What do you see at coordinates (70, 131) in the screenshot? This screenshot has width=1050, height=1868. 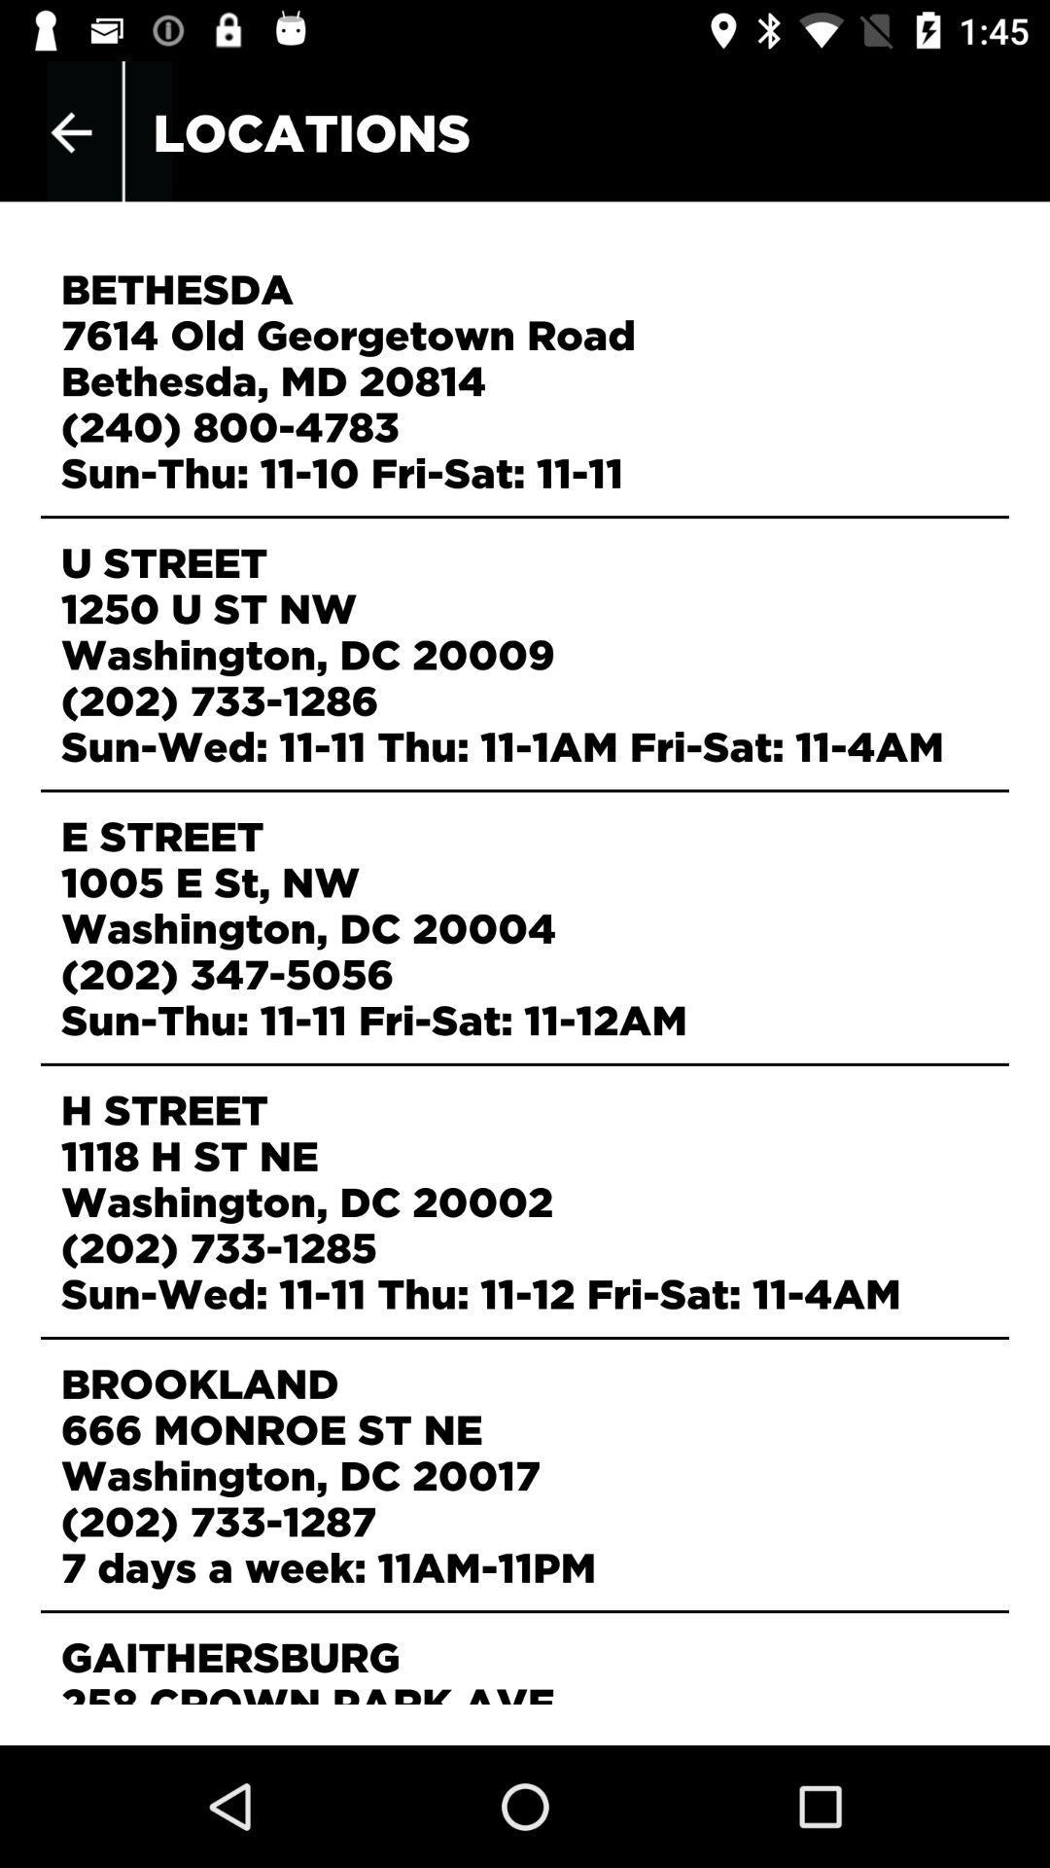 I see `item to the left of the locations item` at bounding box center [70, 131].